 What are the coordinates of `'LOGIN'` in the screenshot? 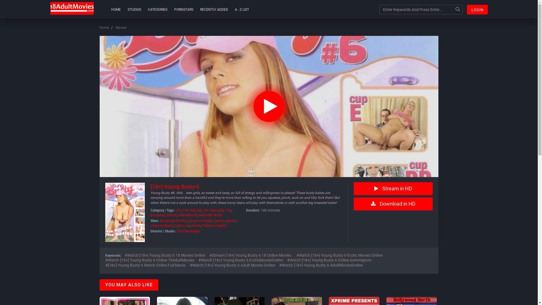 It's located at (467, 10).